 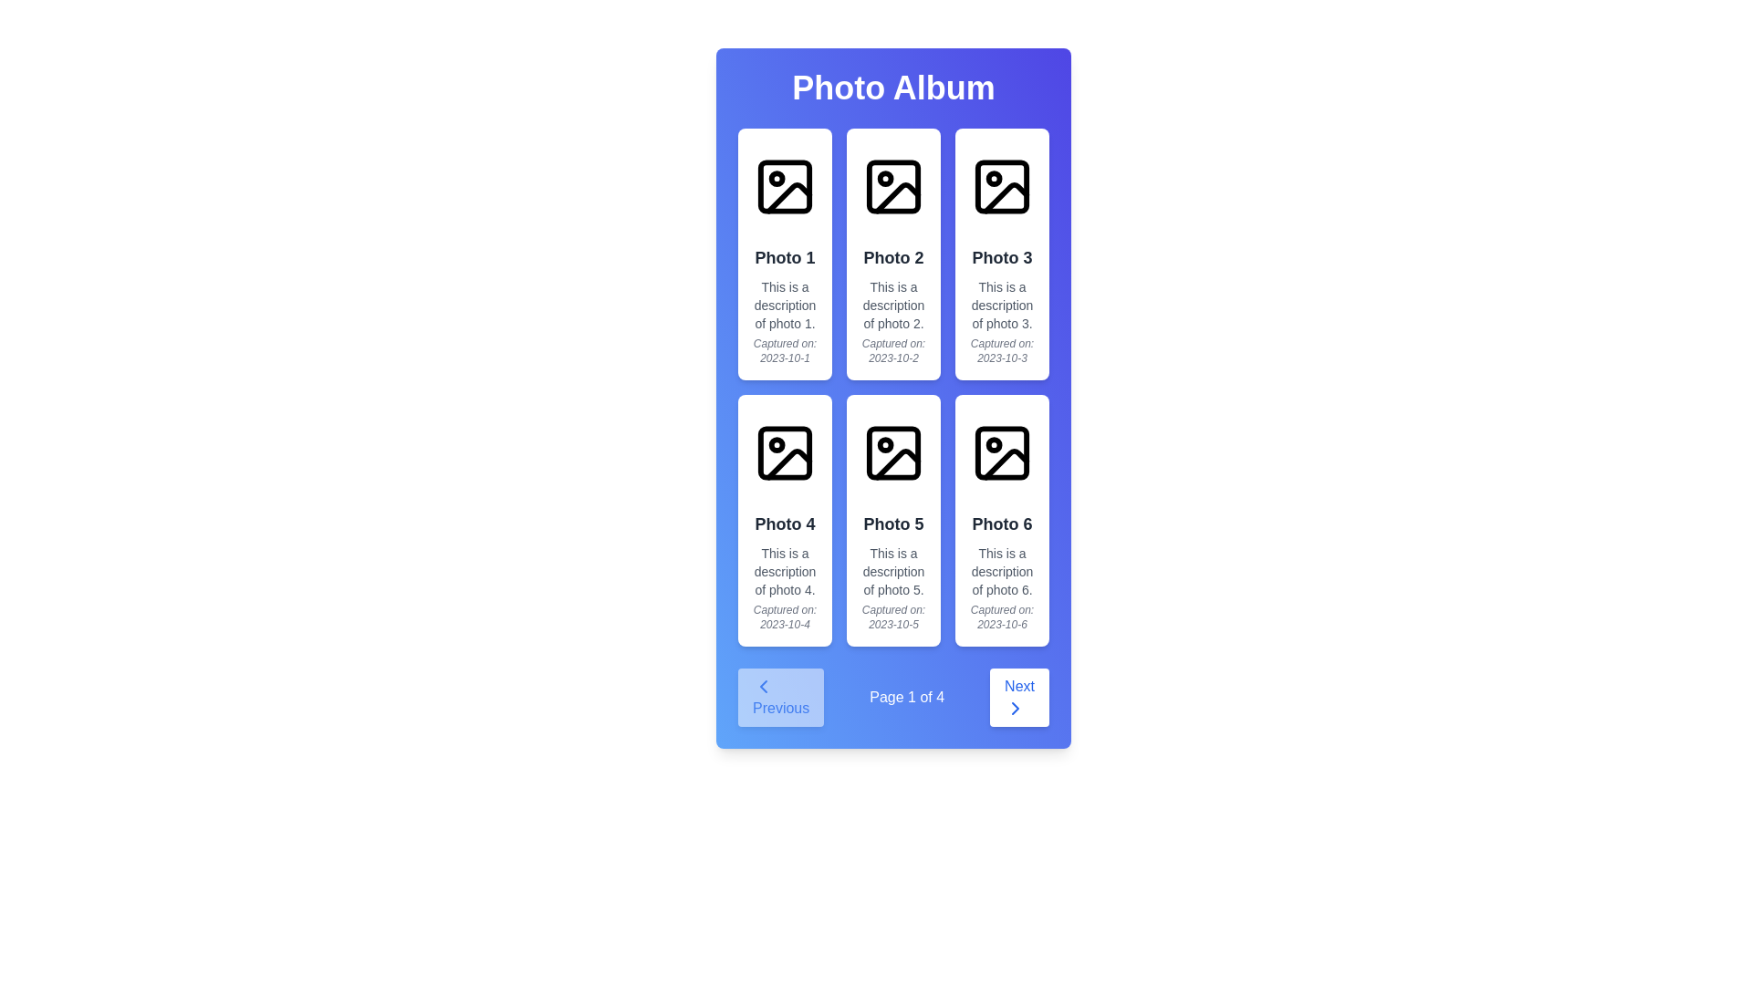 I want to click on the image placeholder icon located in the center of the tile titled 'Photo 5', so click(x=893, y=452).